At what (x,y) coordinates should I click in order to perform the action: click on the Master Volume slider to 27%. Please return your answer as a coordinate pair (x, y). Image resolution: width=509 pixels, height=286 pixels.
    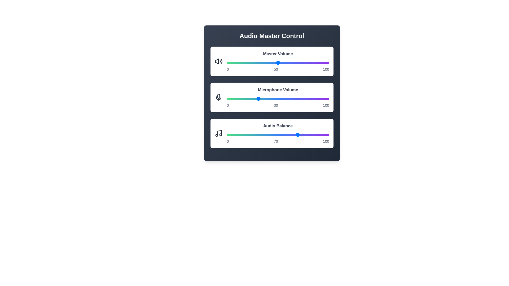
    Looking at the image, I should click on (254, 62).